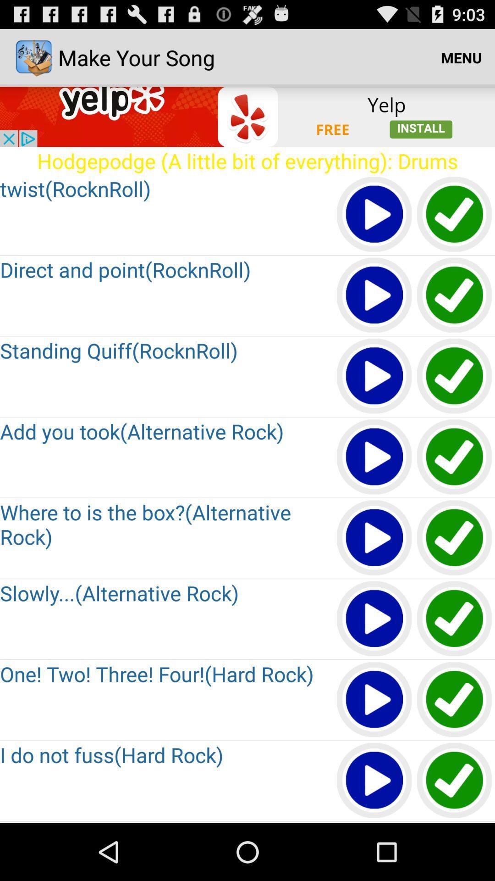 The width and height of the screenshot is (495, 881). Describe the element at coordinates (374, 538) in the screenshot. I see `track` at that location.